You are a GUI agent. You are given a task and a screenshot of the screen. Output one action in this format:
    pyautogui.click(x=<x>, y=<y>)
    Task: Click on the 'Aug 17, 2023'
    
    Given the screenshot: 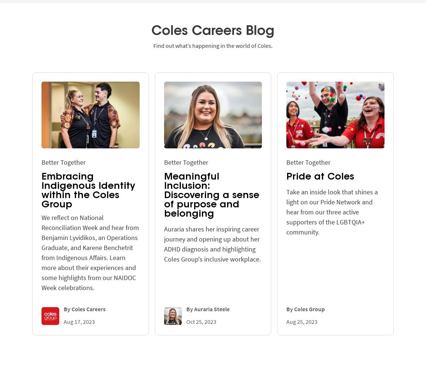 What is the action you would take?
    pyautogui.click(x=79, y=321)
    